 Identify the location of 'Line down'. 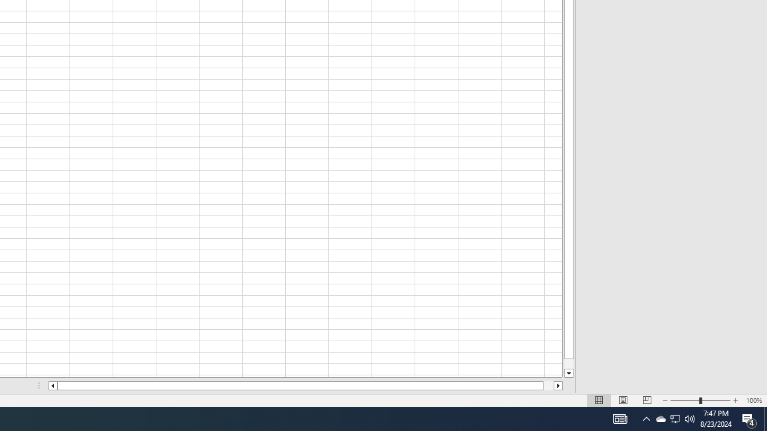
(568, 373).